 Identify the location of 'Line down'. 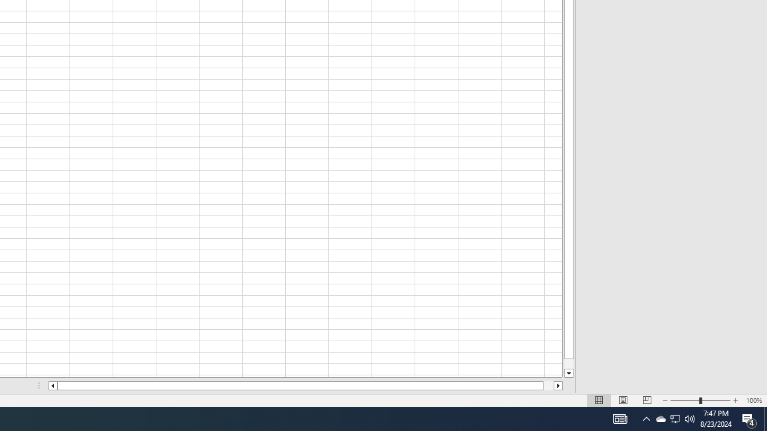
(568, 373).